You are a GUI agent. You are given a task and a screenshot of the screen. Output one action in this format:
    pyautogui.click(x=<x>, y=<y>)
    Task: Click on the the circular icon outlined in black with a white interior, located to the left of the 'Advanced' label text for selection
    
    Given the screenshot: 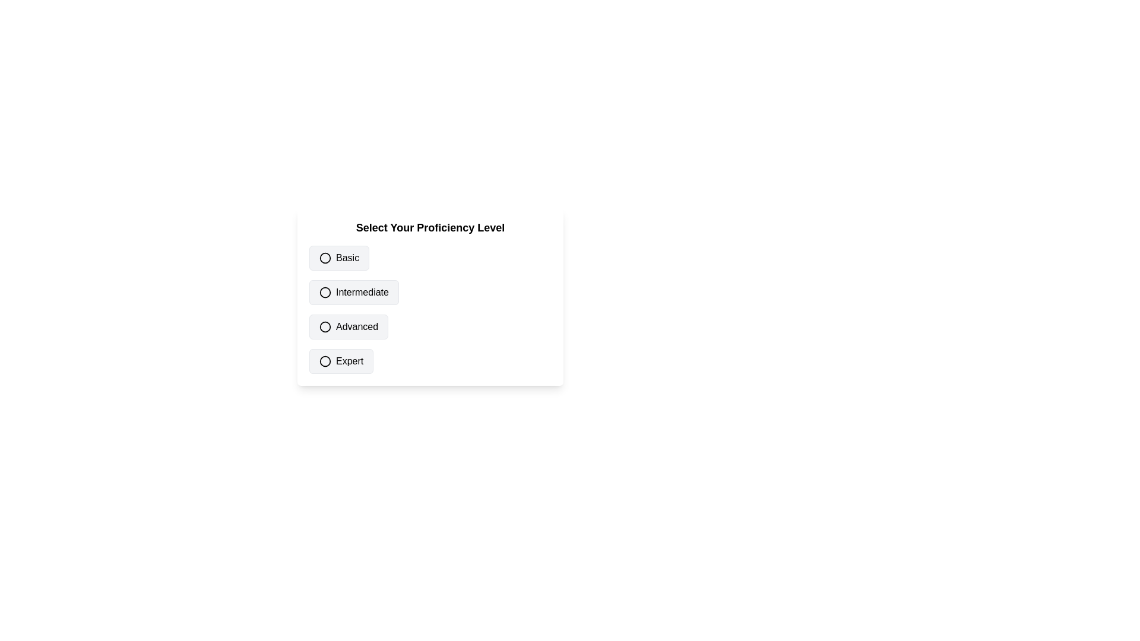 What is the action you would take?
    pyautogui.click(x=325, y=327)
    